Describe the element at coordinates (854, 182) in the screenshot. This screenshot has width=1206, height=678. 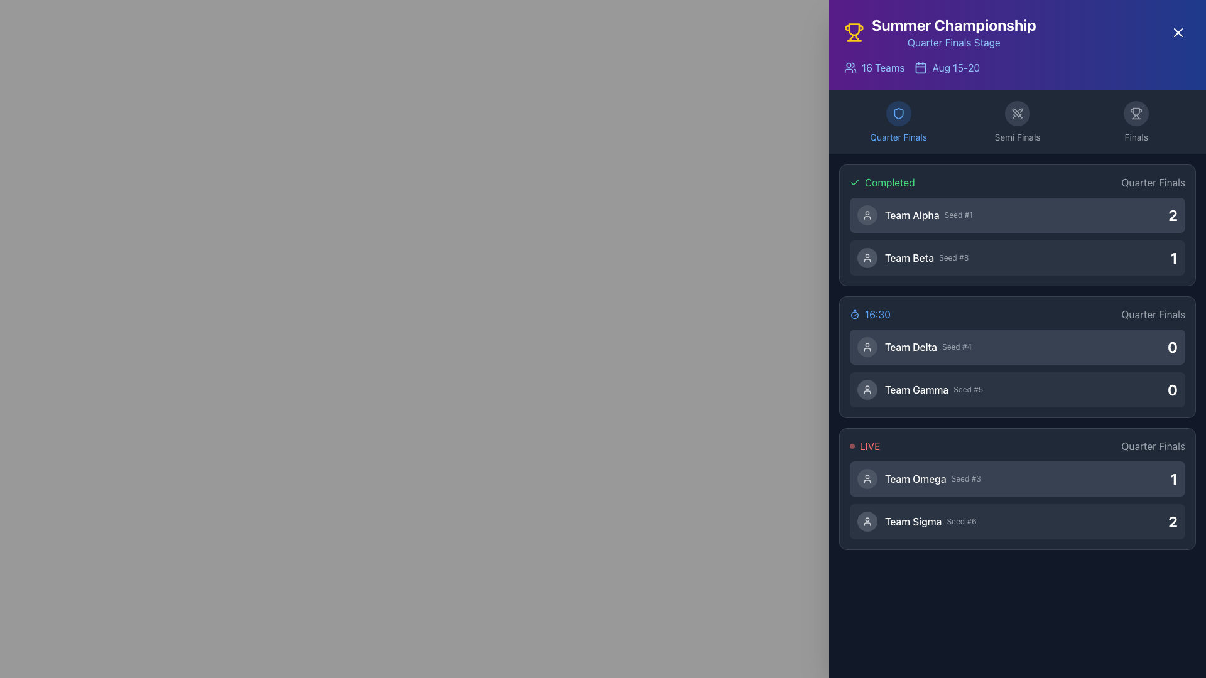
I see `the completion status icon located to the left of the 'Completed' label in the sidebar interface` at that location.